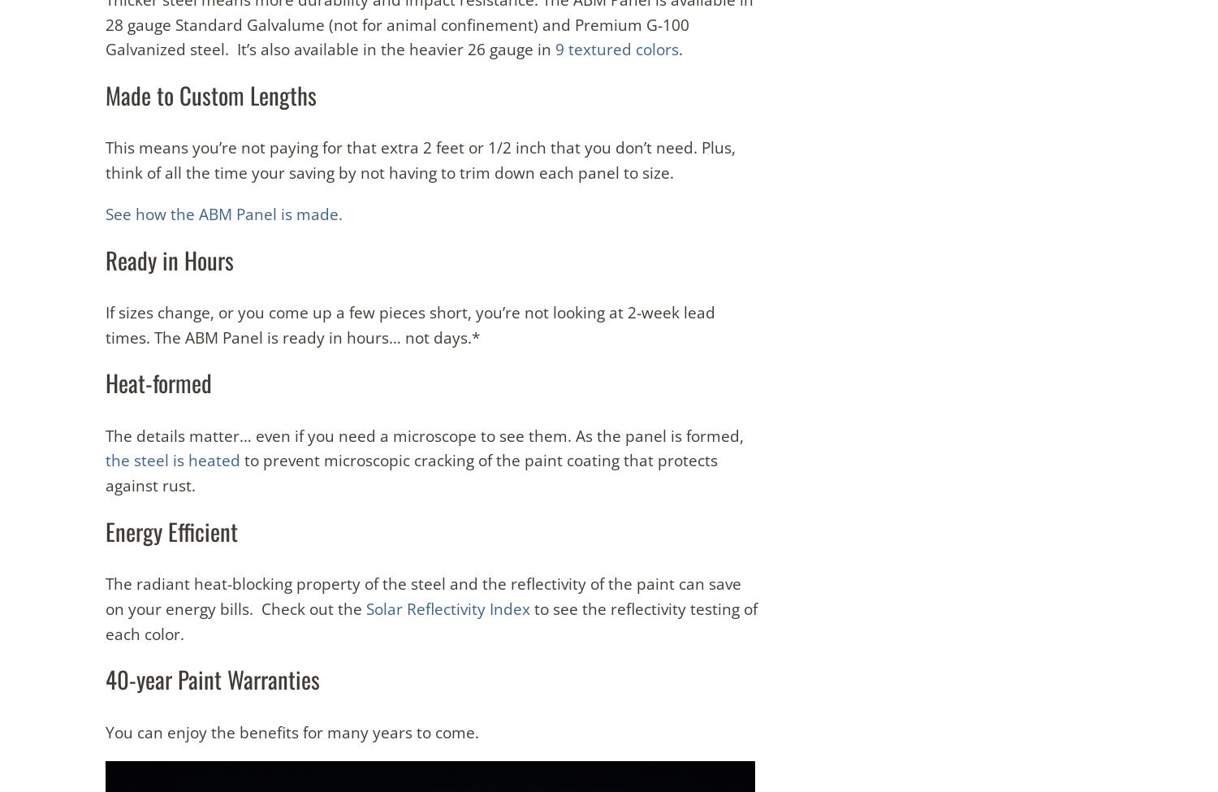 The width and height of the screenshot is (1218, 792). Describe the element at coordinates (171, 530) in the screenshot. I see `'Energy Efficient'` at that location.